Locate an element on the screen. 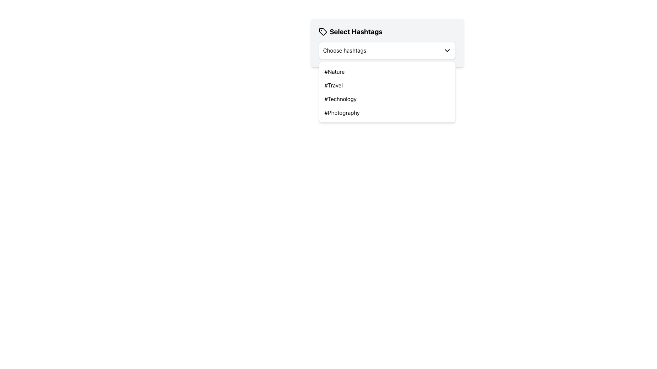 Image resolution: width=657 pixels, height=369 pixels. the icon associated with the 'Select Hashtags' dropdown menu located at the top left corner of the interface is located at coordinates (322, 31).